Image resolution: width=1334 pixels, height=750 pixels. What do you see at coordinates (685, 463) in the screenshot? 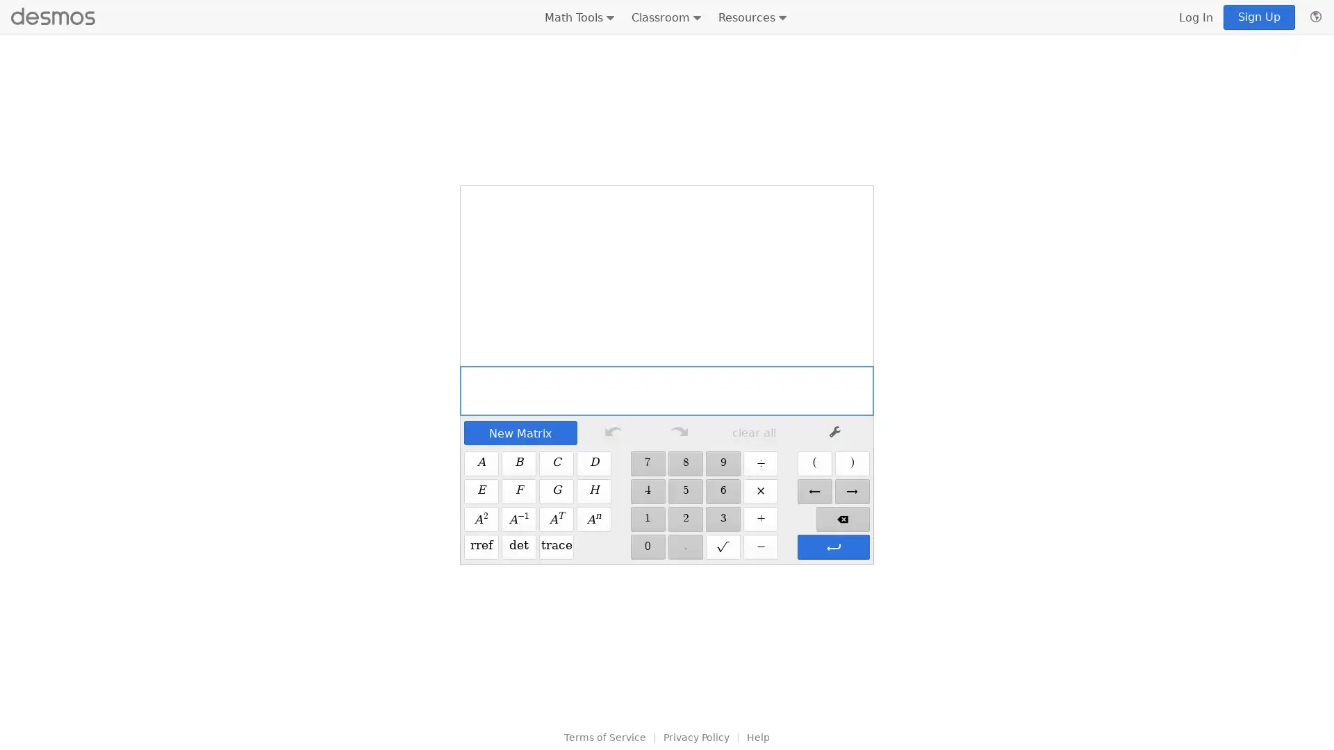
I see `8` at bounding box center [685, 463].